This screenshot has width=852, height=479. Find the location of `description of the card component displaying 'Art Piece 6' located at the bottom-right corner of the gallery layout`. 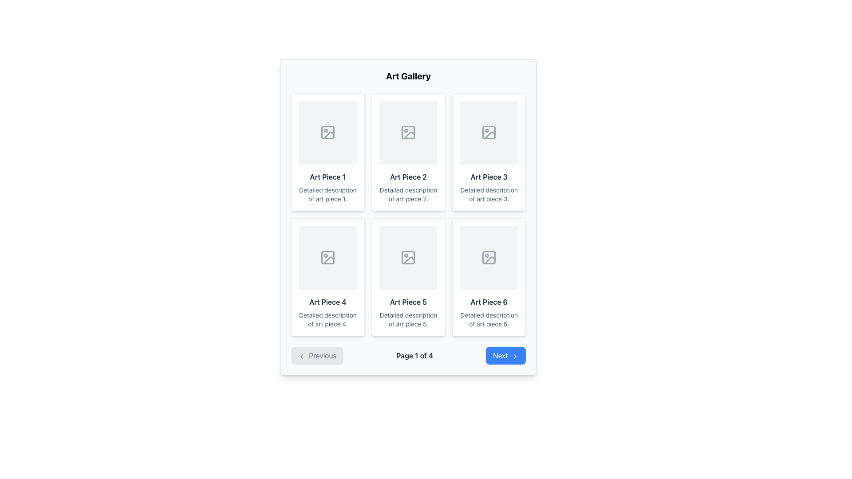

description of the card component displaying 'Art Piece 6' located at the bottom-right corner of the gallery layout is located at coordinates (489, 276).